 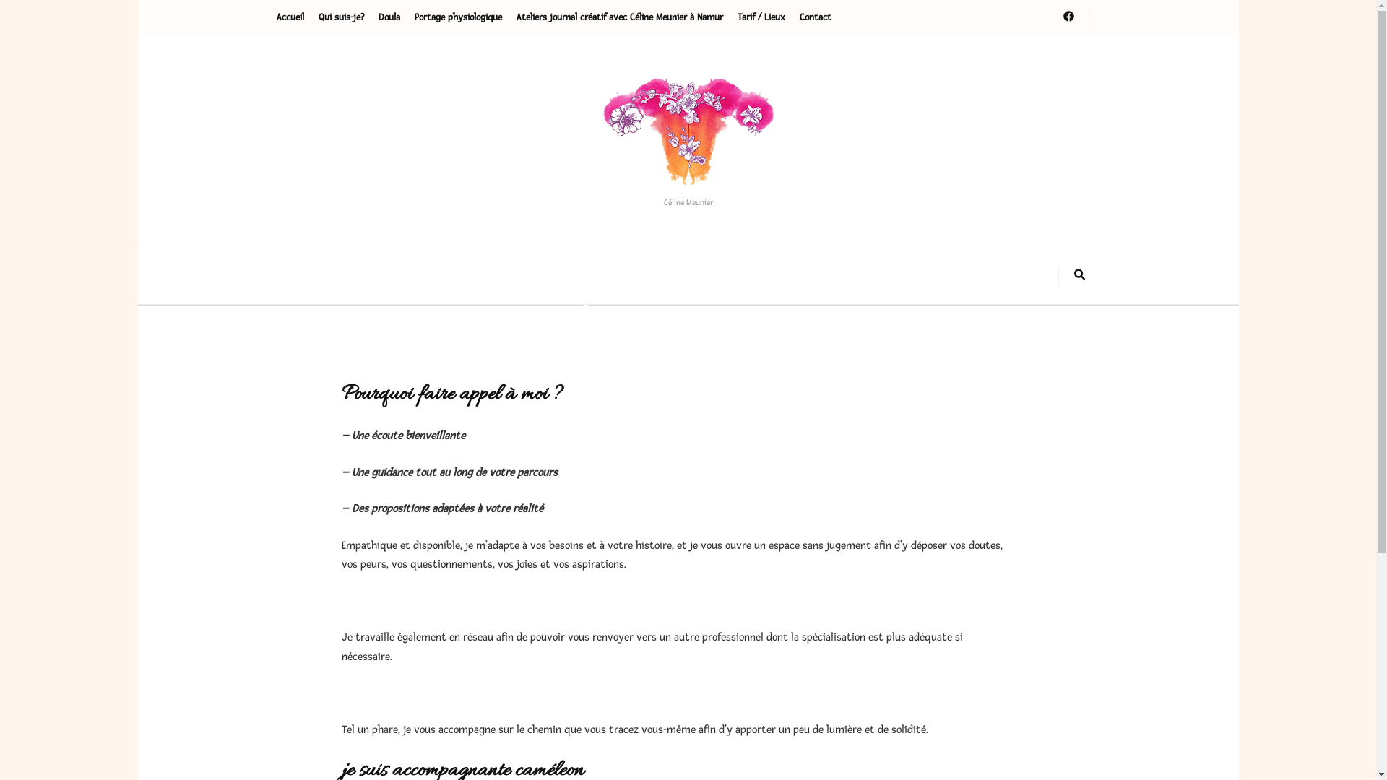 I want to click on 'Tarif / Lieux', so click(x=759, y=17).